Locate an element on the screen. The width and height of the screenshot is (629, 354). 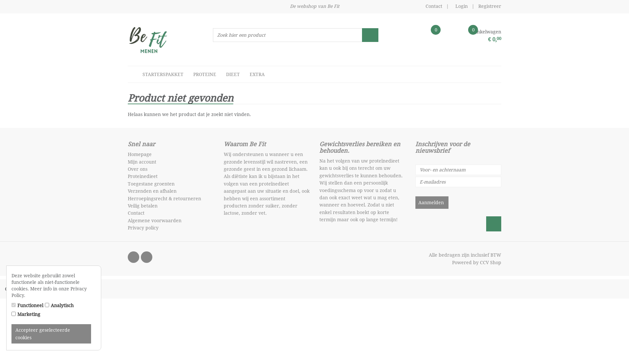
'Herroepingsrecht & retourneren' is located at coordinates (164, 198).